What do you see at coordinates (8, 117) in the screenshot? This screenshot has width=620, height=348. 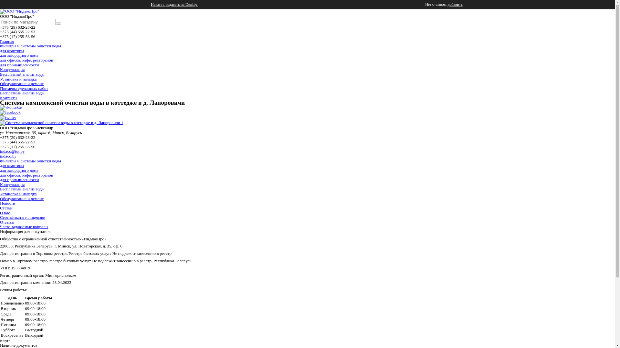 I see `'twitter'` at bounding box center [8, 117].